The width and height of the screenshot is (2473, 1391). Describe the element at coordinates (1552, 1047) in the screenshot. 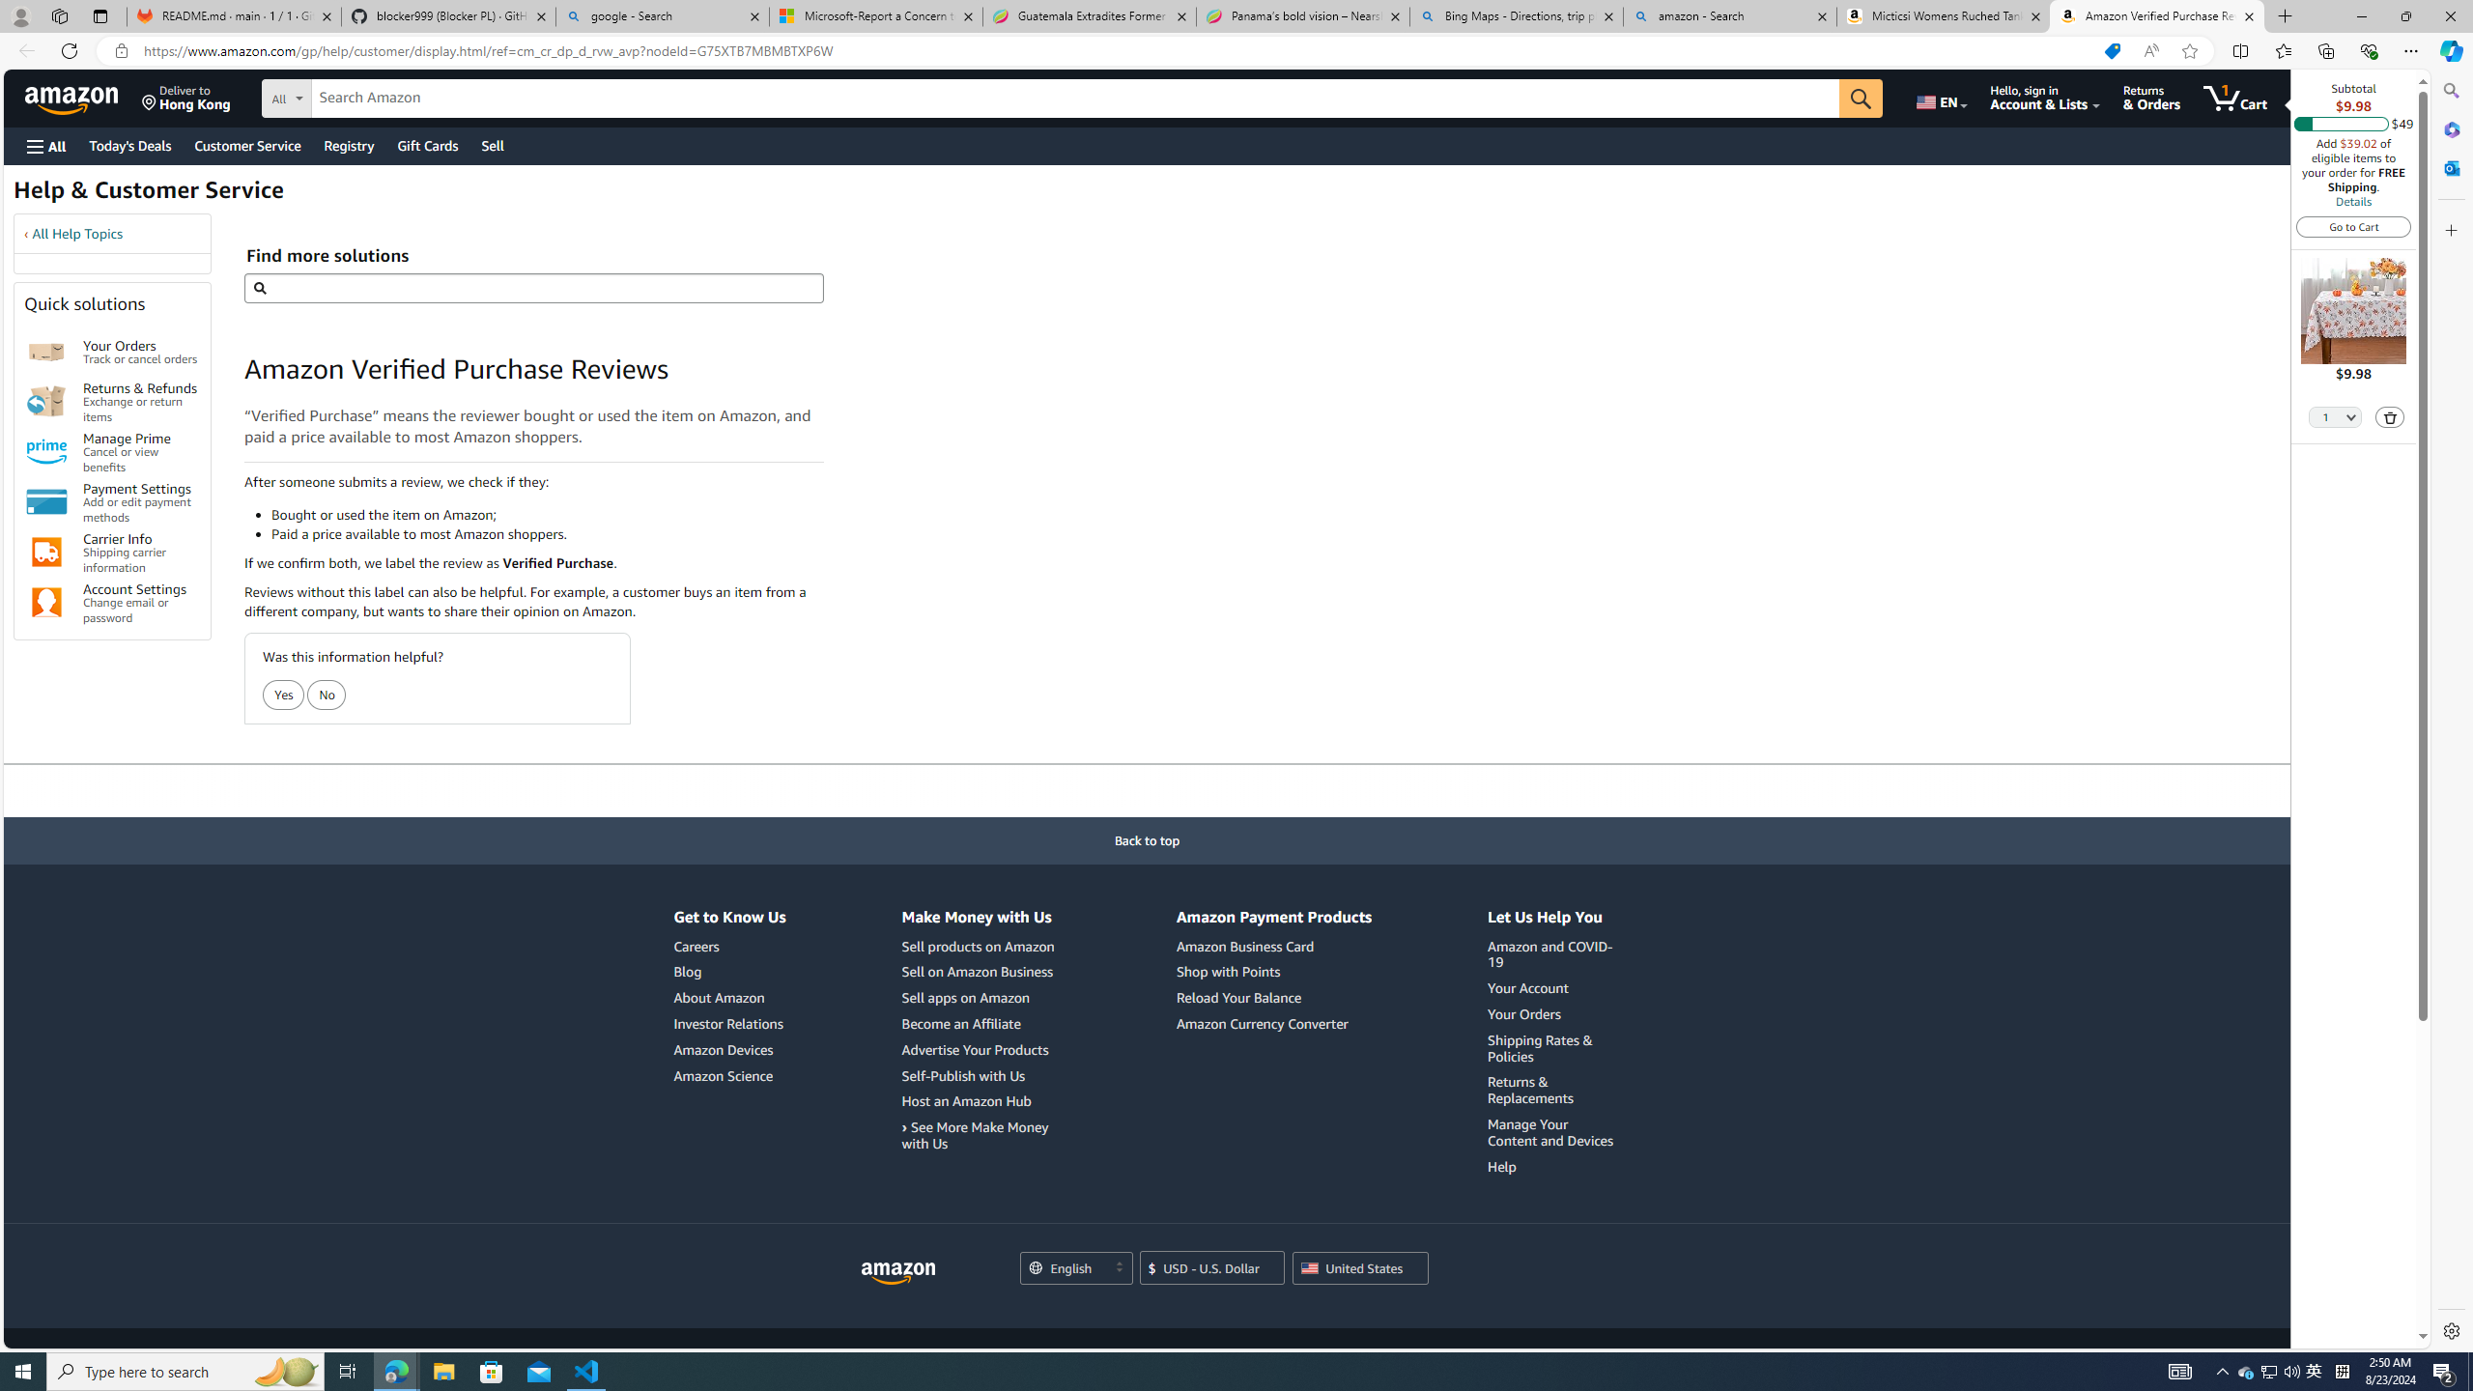

I see `'Shipping Rates & Policies'` at that location.